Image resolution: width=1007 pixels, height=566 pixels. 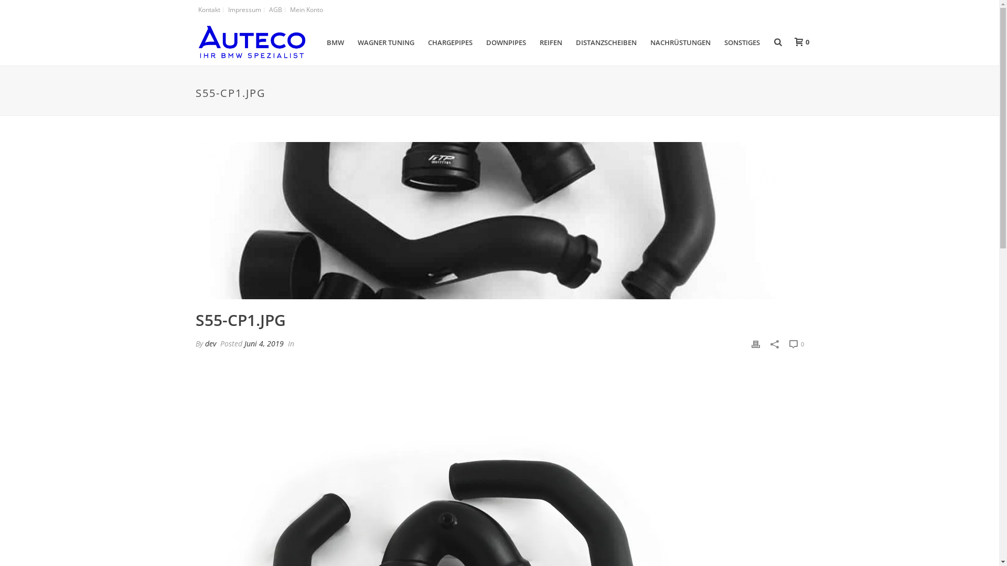 I want to click on 'Impressum', so click(x=244, y=10).